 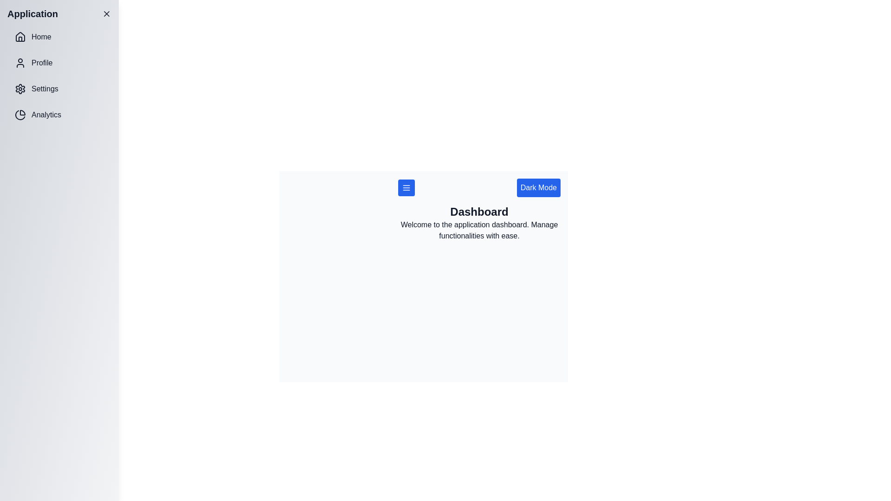 I want to click on the Navigation Button located in the sidebar, which is the second item below 'Home' and above 'Settings', so click(x=59, y=63).